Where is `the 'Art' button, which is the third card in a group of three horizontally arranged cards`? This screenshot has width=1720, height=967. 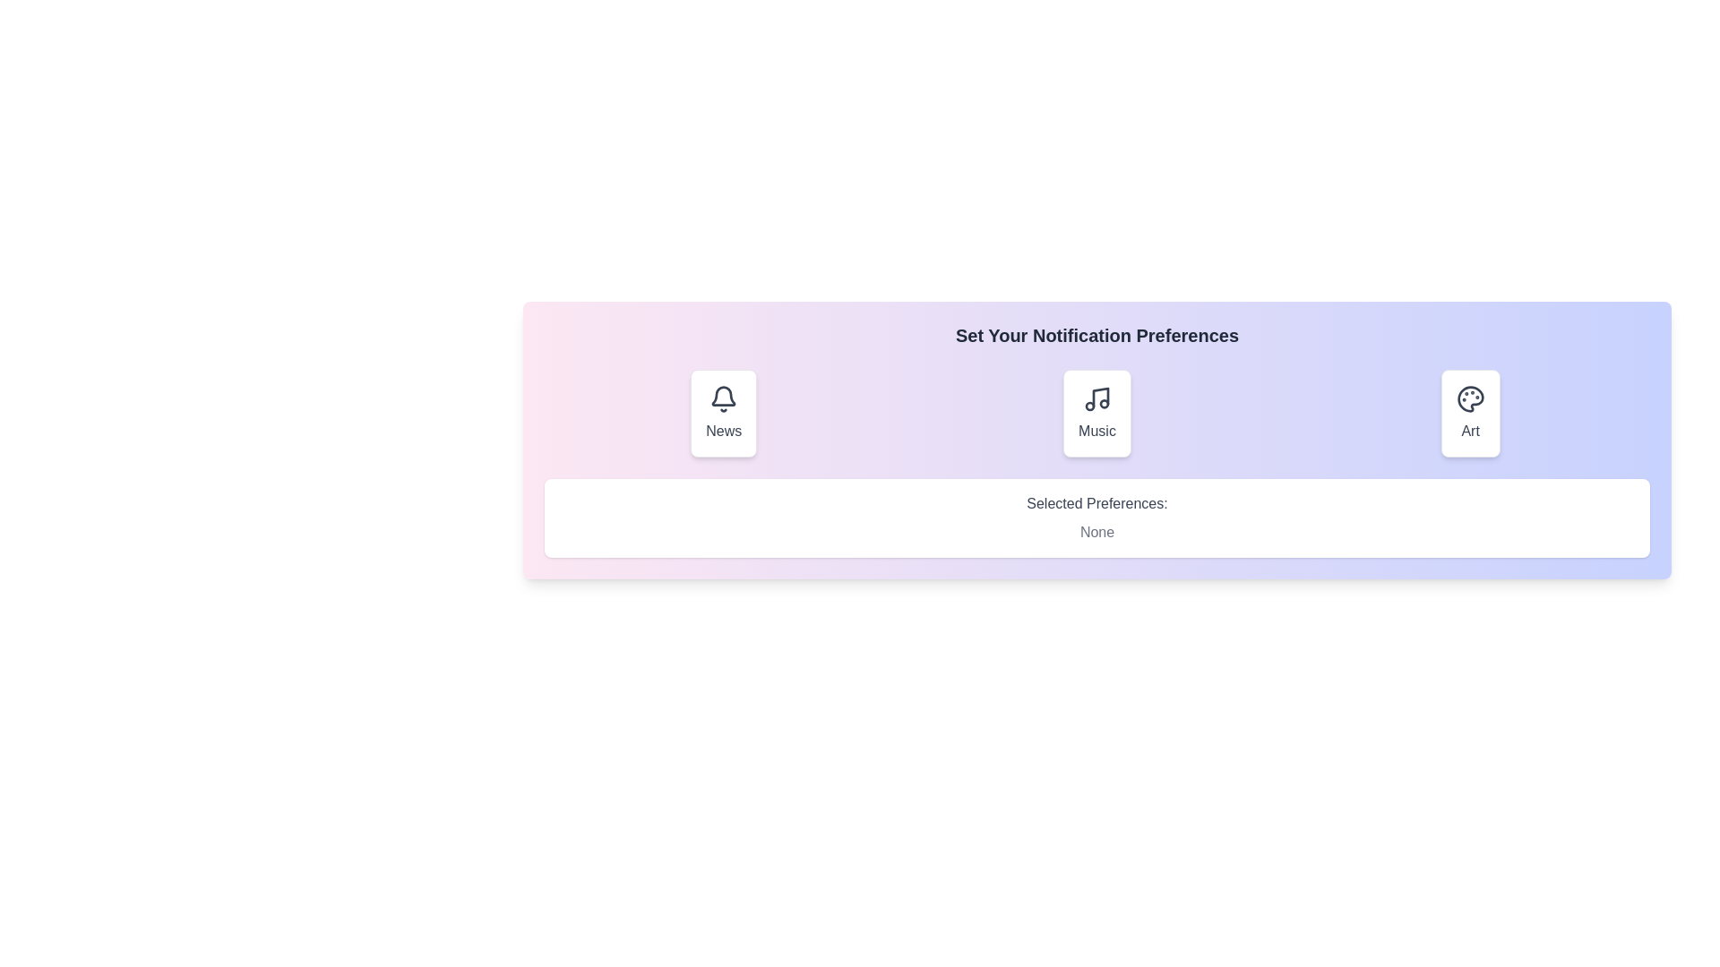
the 'Art' button, which is the third card in a group of three horizontally arranged cards is located at coordinates (1470, 414).